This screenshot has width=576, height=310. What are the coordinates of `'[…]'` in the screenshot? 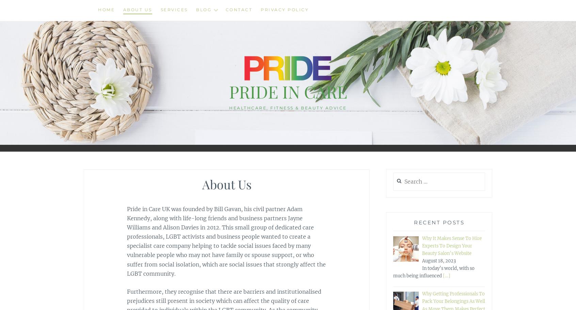 It's located at (446, 275).